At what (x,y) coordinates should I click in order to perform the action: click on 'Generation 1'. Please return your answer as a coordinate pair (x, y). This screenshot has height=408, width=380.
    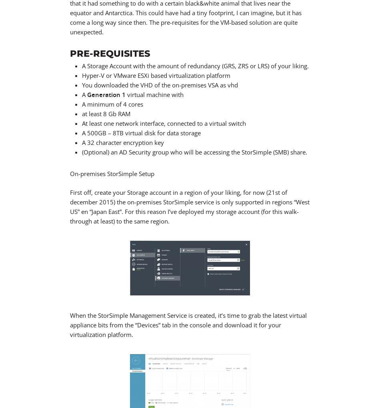
    Looking at the image, I should click on (87, 94).